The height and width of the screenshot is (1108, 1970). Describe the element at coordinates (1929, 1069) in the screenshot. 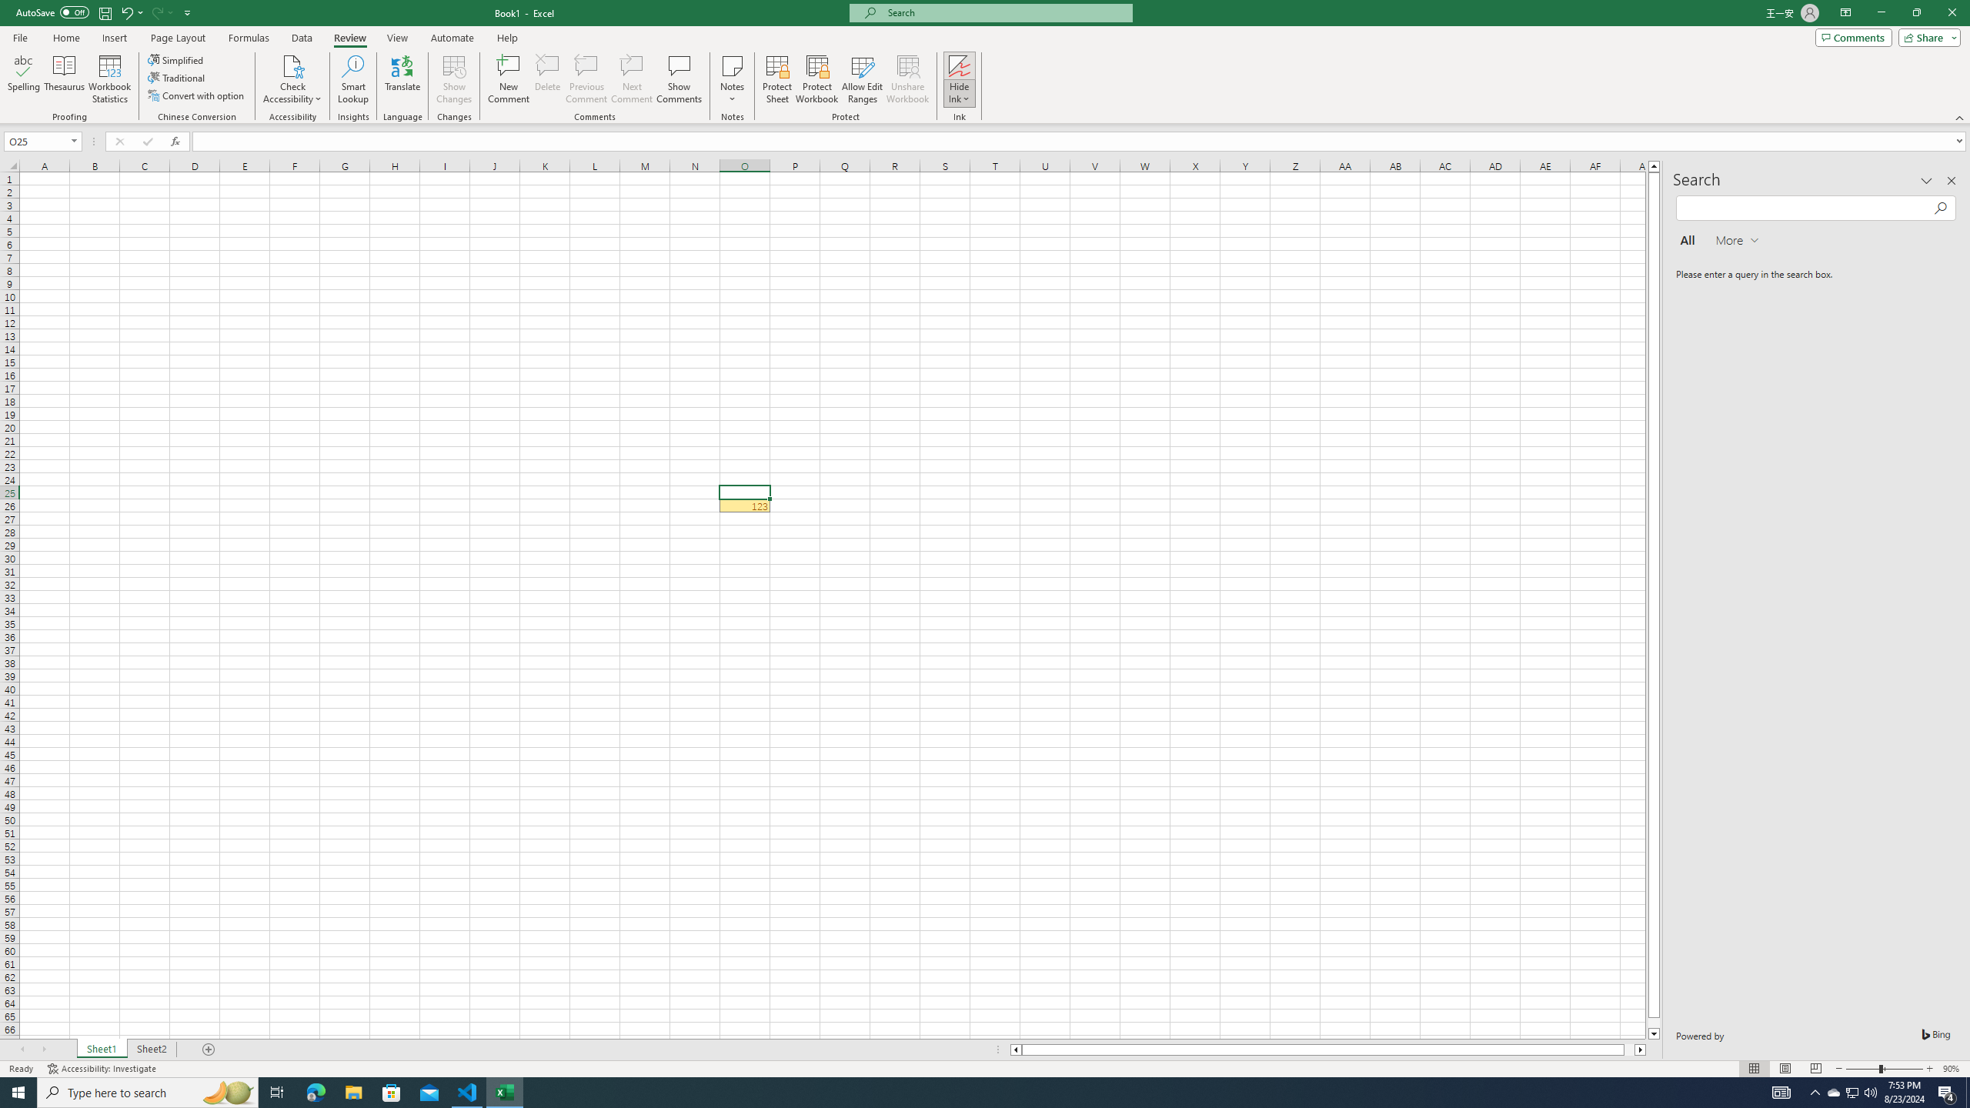

I see `'Zoom In'` at that location.